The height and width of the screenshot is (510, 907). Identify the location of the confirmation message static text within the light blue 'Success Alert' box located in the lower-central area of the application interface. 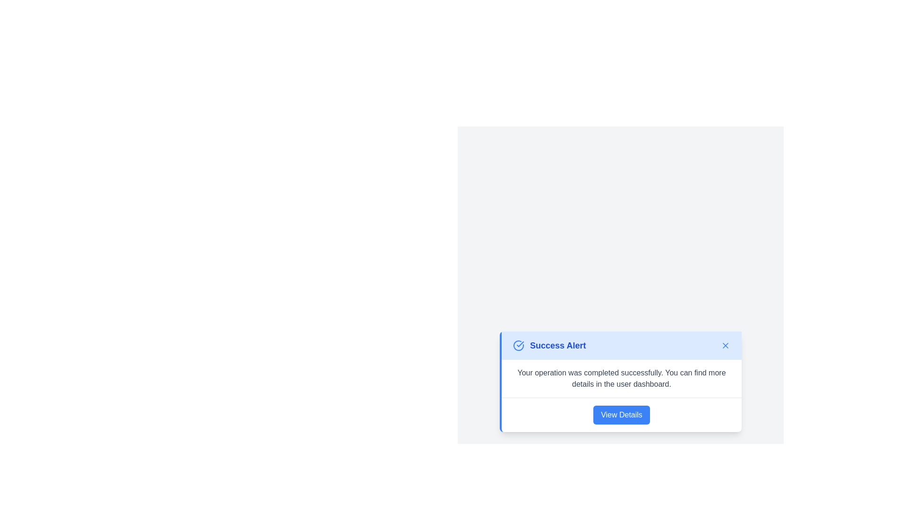
(621, 378).